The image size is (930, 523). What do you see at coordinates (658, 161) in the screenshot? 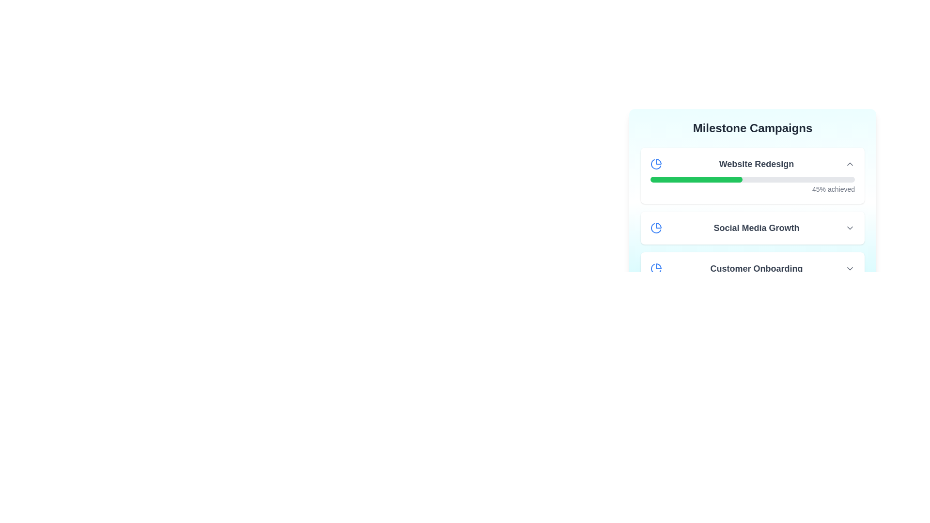
I see `the upper crescent shape of the pie-chart icon located within the 'Website Redesign' card under the 'Milestone Campaigns' heading` at bounding box center [658, 161].